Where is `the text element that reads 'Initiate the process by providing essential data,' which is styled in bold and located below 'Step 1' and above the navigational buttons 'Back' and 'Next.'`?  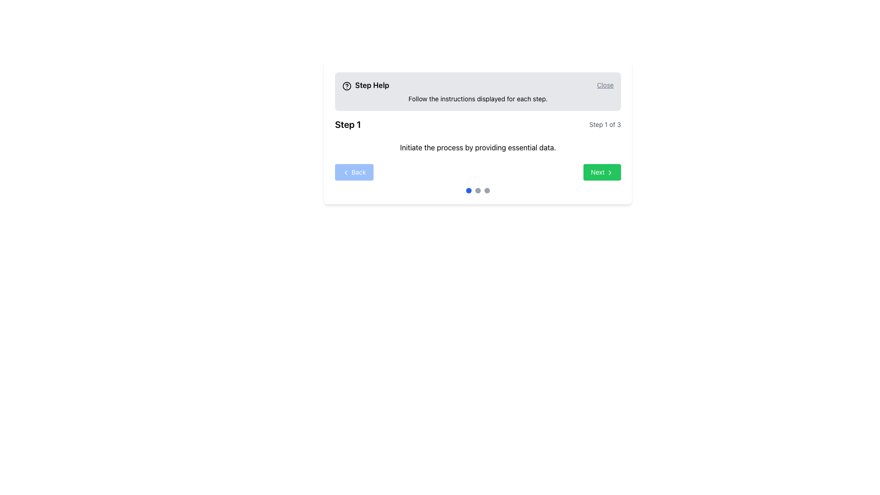
the text element that reads 'Initiate the process by providing essential data,' which is styled in bold and located below 'Step 1' and above the navigational buttons 'Back' and 'Next.' is located at coordinates (477, 147).